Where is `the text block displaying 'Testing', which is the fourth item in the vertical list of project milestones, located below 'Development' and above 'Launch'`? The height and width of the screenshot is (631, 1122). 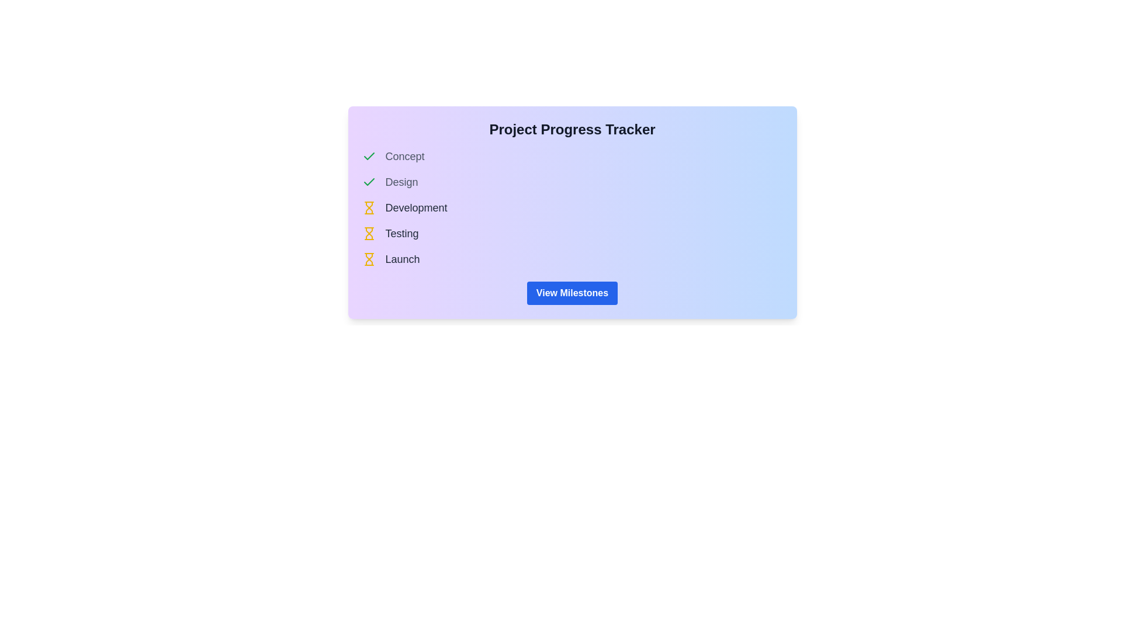 the text block displaying 'Testing', which is the fourth item in the vertical list of project milestones, located below 'Development' and above 'Launch' is located at coordinates (401, 234).